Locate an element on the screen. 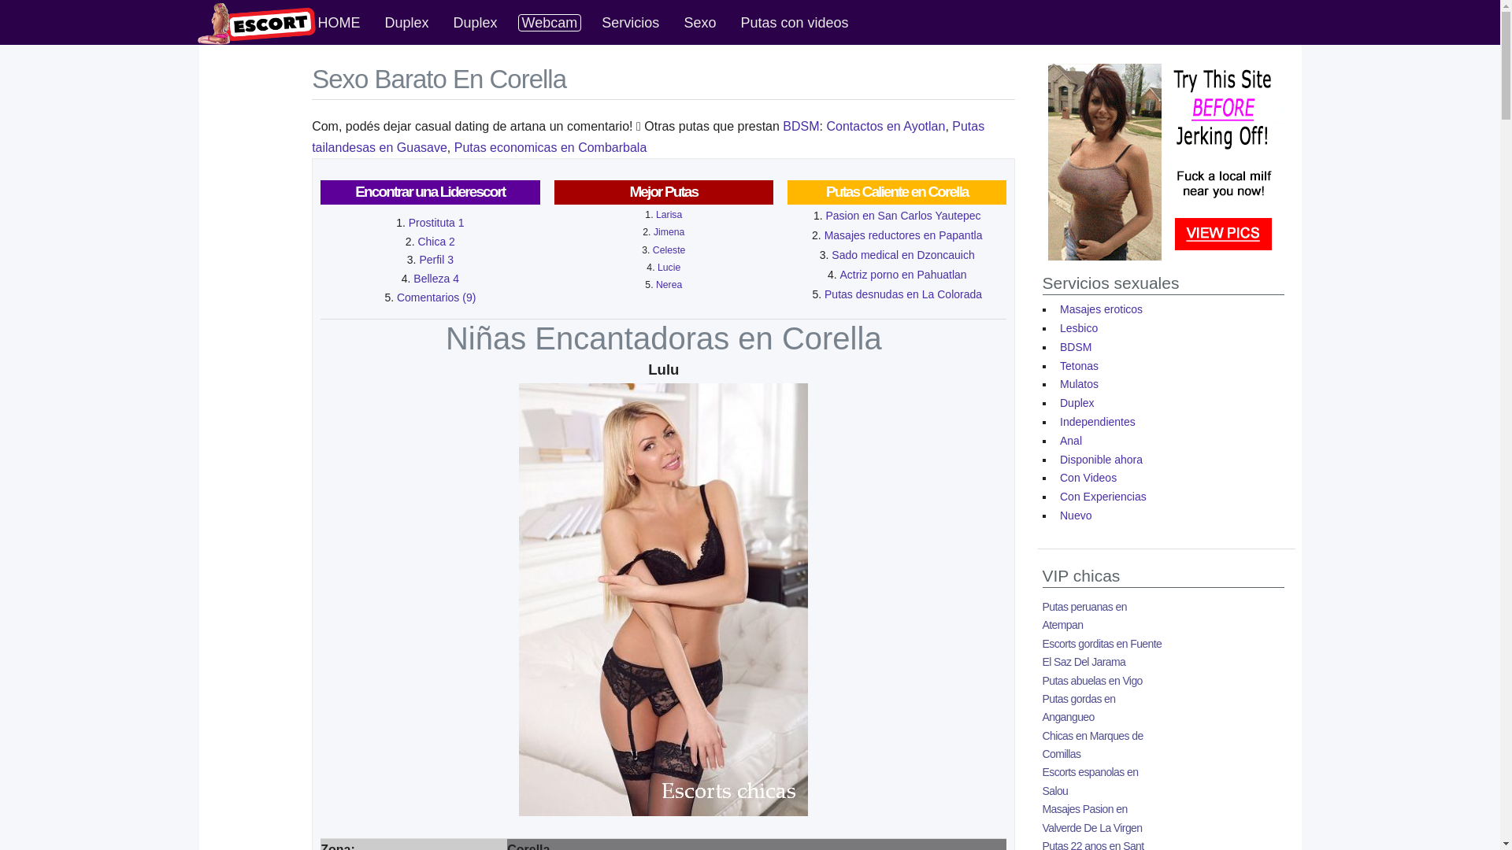  'Webcam' is located at coordinates (550, 23).